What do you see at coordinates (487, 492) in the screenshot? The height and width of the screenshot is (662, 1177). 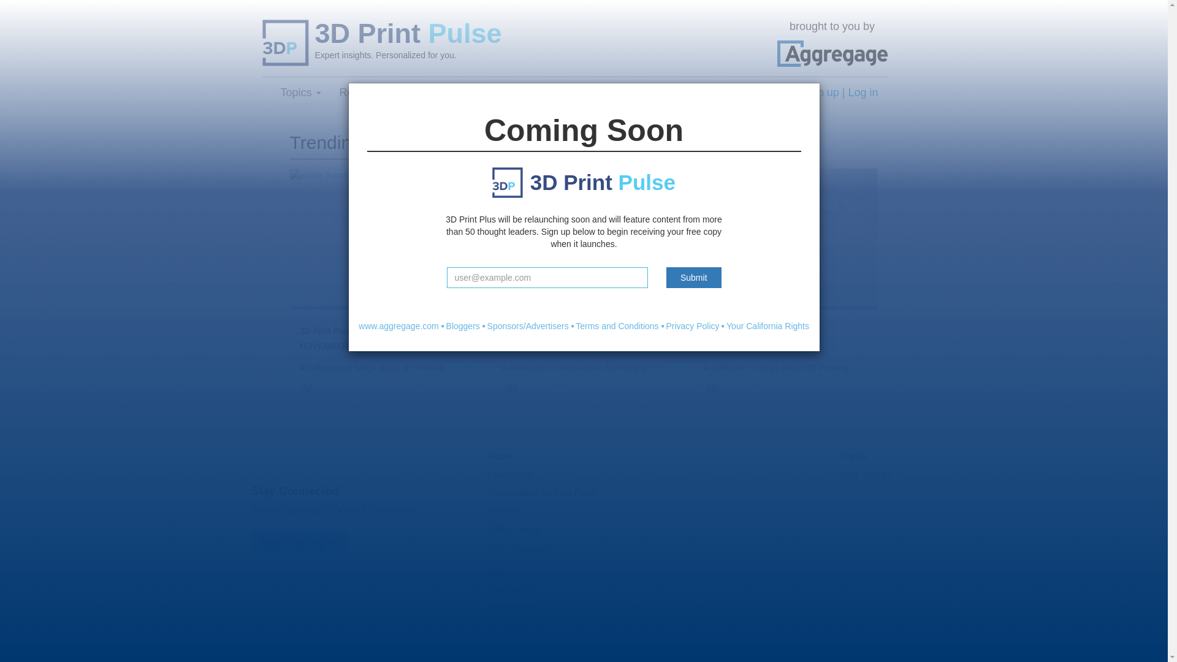 I see `'Participate in 3D Print Pulse'` at bounding box center [487, 492].